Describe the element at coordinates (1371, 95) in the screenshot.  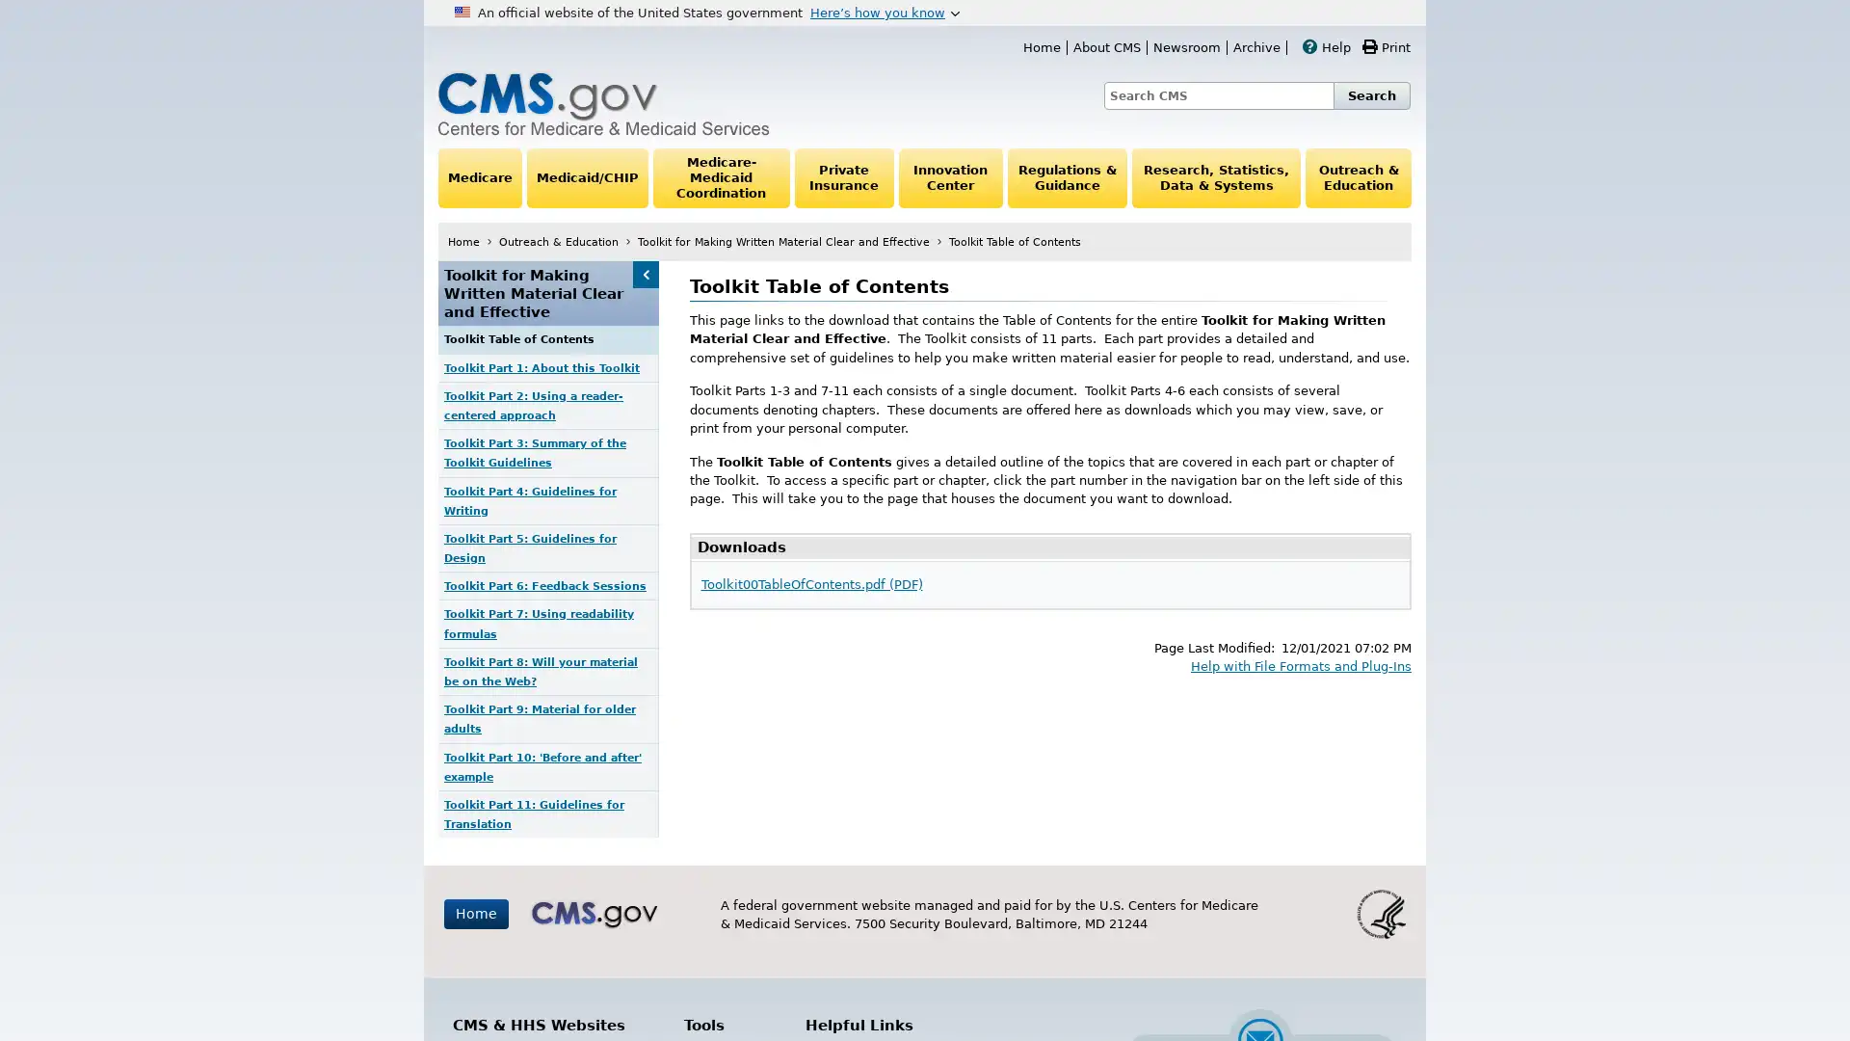
I see `Search` at that location.